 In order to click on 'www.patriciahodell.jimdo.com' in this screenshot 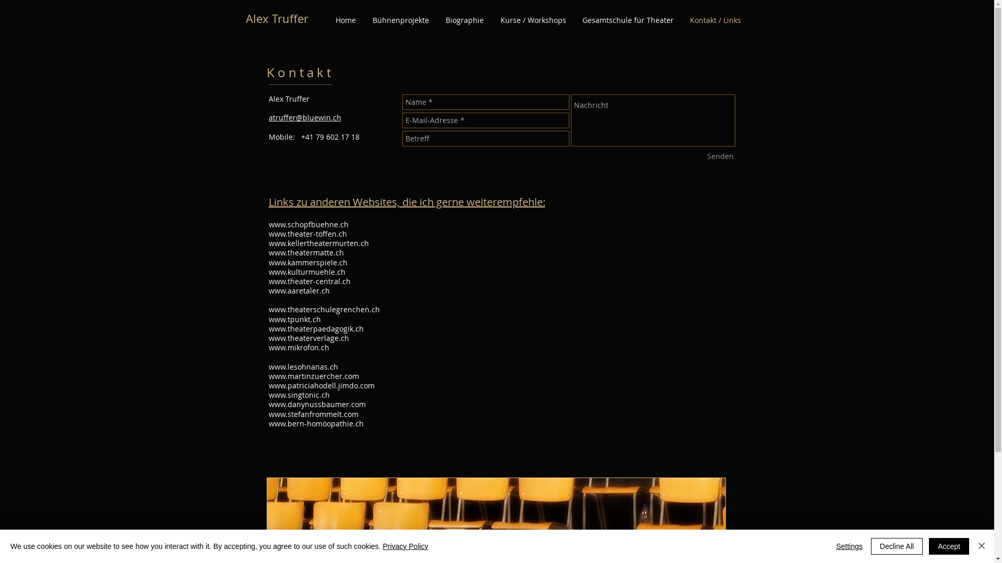, I will do `click(268, 385)`.